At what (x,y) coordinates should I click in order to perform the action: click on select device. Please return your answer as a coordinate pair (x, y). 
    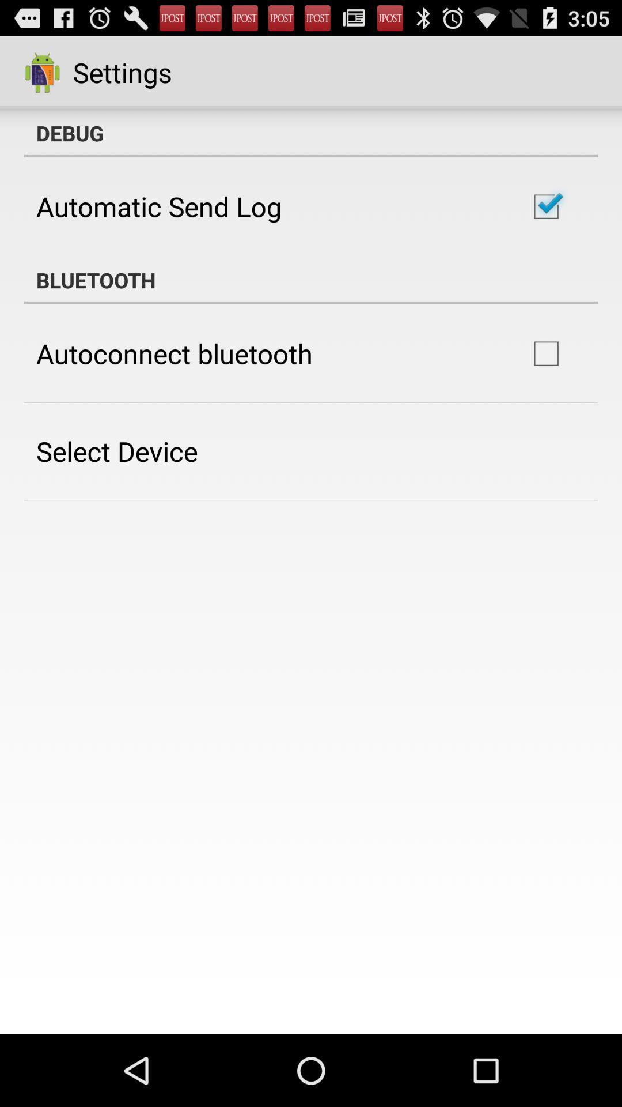
    Looking at the image, I should click on (117, 450).